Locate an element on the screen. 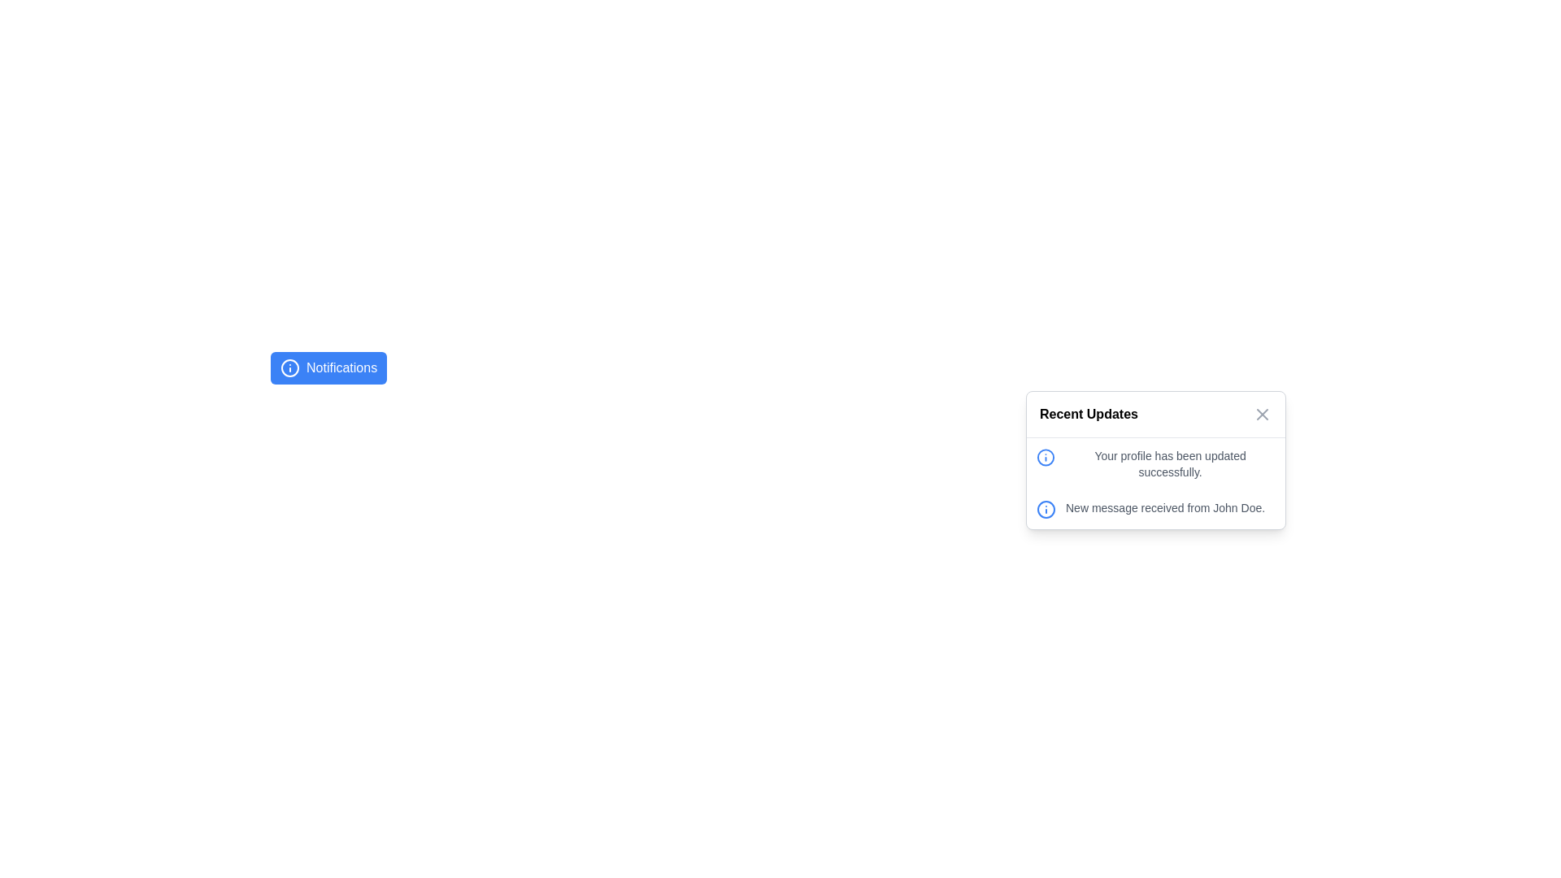 This screenshot has height=878, width=1561. static text message that indicates 'Your profile has been updated successfully.' located next to the blue circular information icon in the Recent Updates notification card is located at coordinates (1154, 463).